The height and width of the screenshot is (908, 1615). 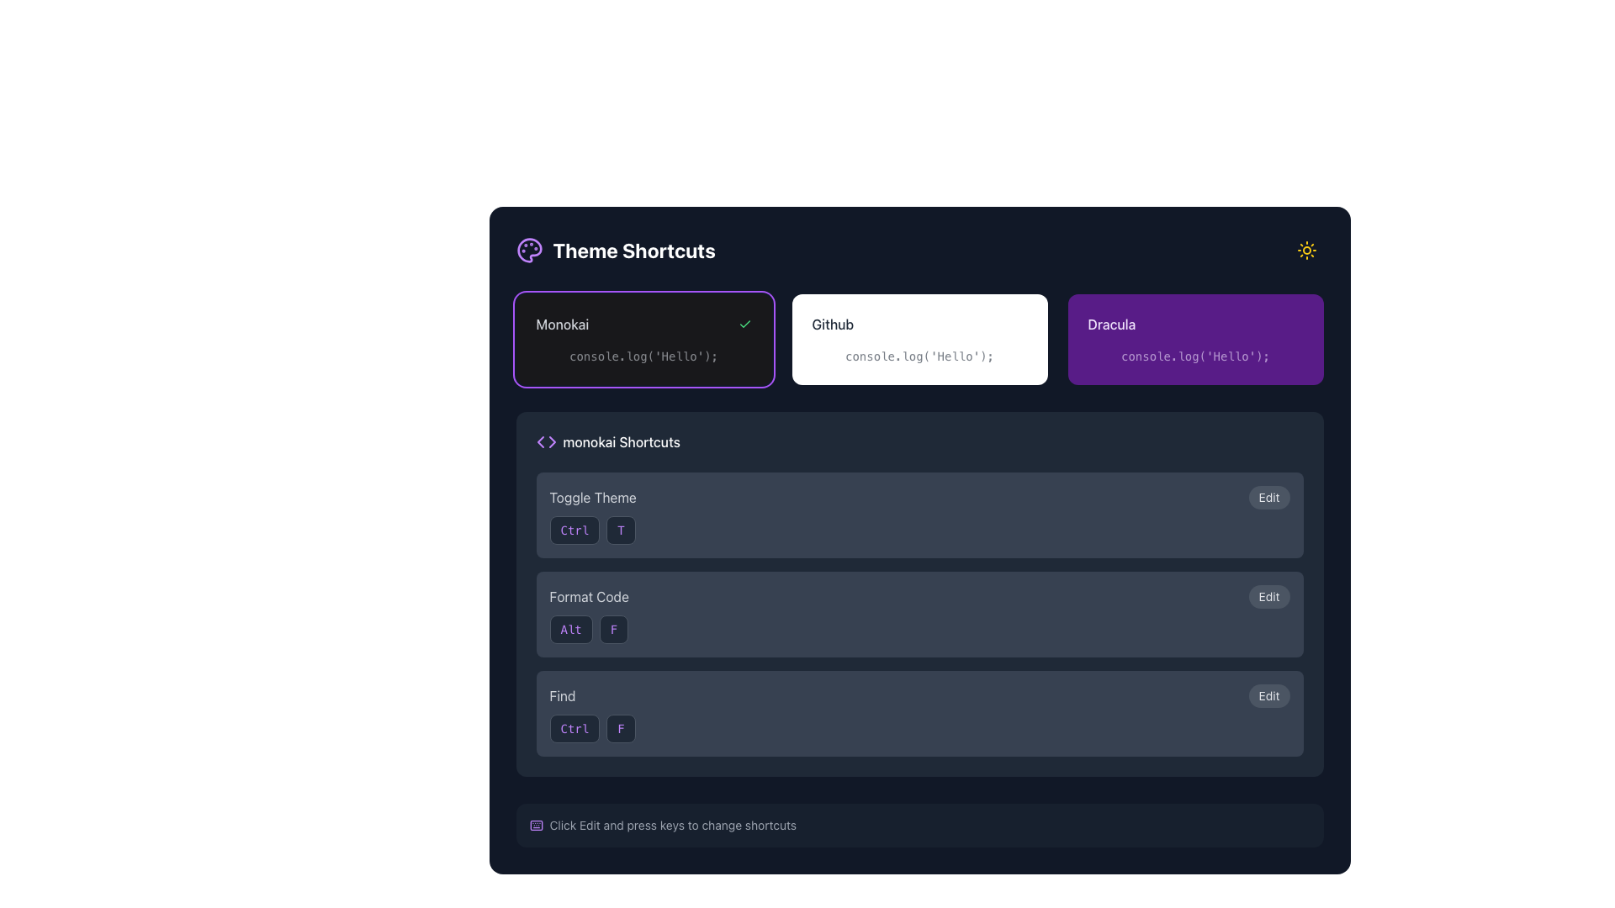 I want to click on and understand the instruction from the distinct gray instructional text label reading: 'Click Edit and press keys to change shortcuts', located at the bottom of the shortcuts section, so click(x=673, y=825).